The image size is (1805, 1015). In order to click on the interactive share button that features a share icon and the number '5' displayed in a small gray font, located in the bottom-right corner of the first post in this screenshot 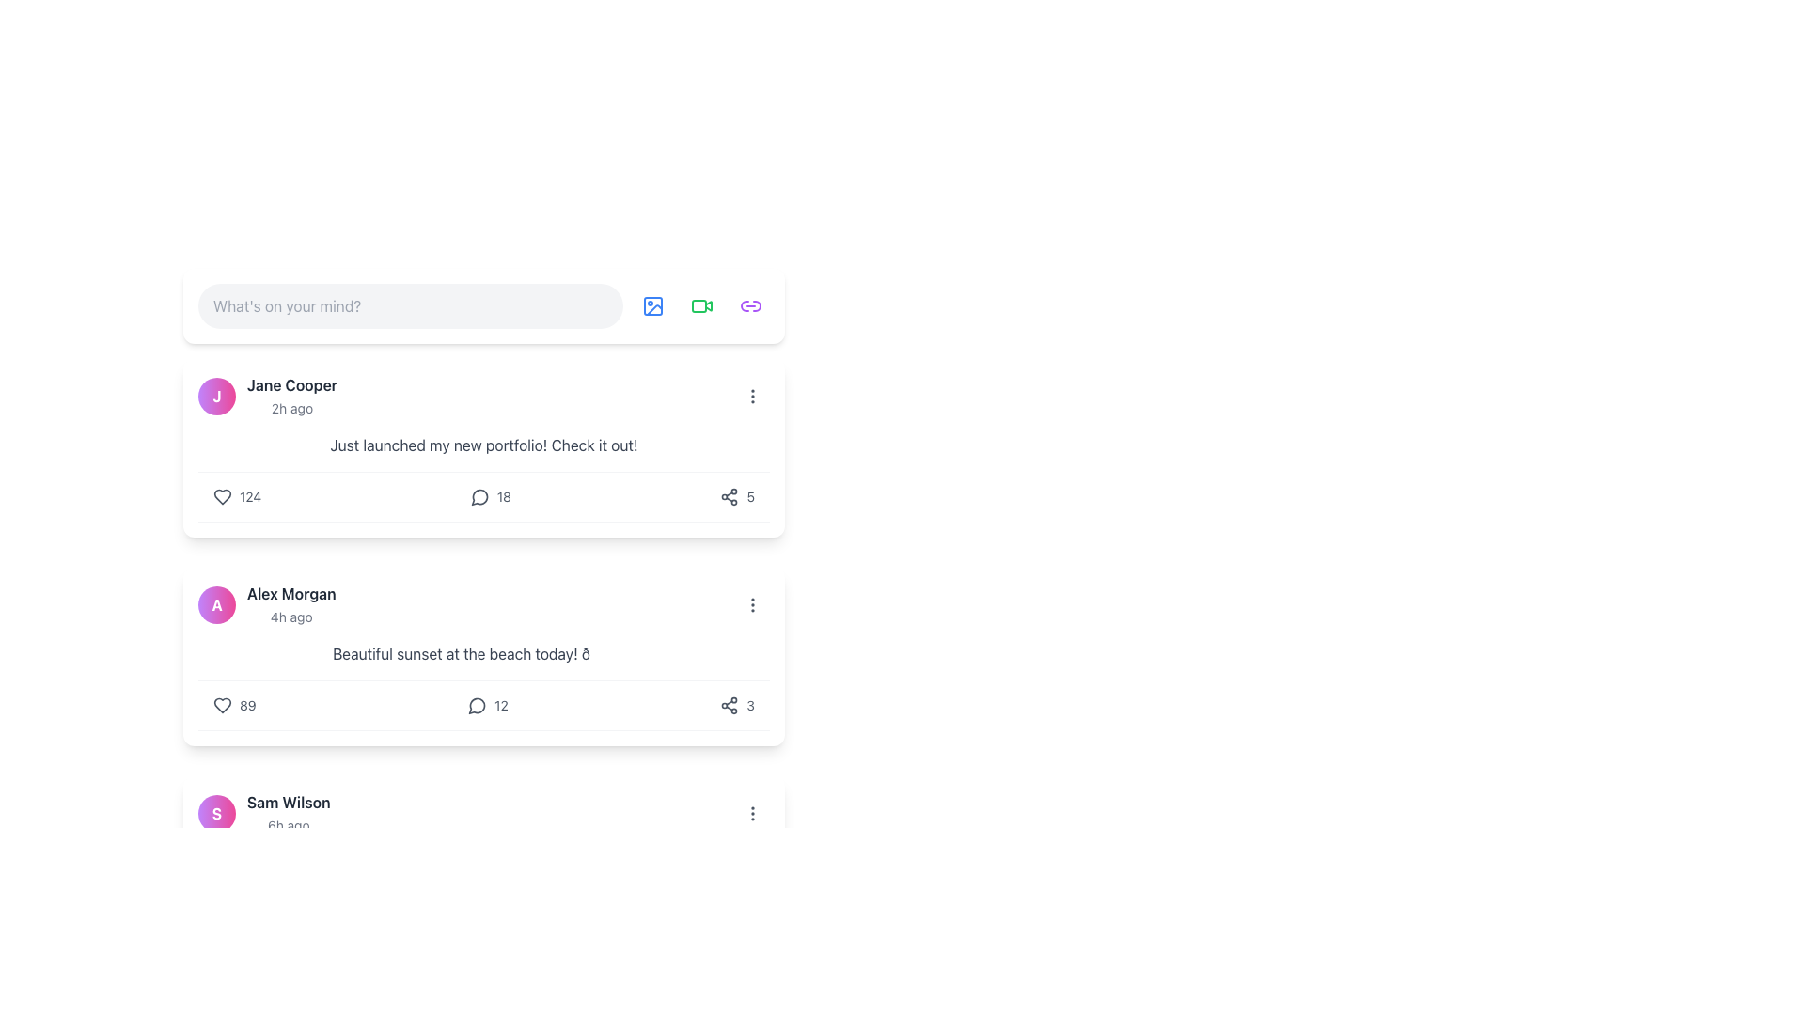, I will do `click(736, 495)`.